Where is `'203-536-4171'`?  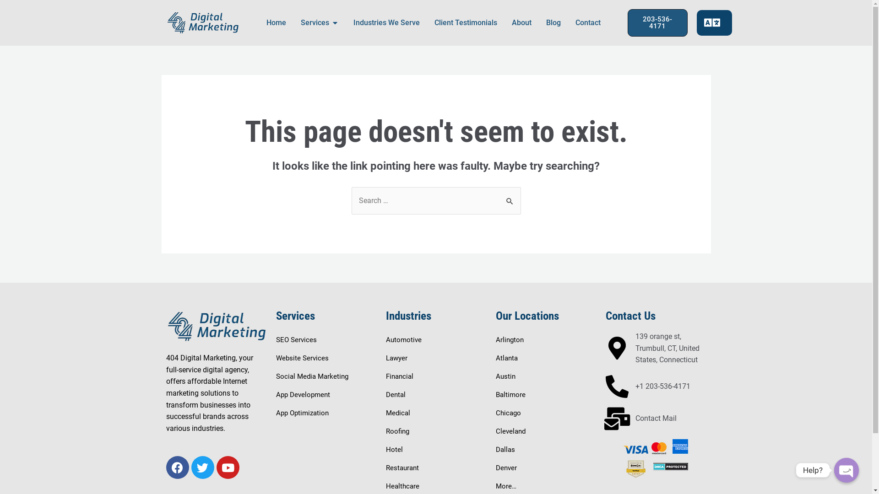
'203-536-4171' is located at coordinates (657, 22).